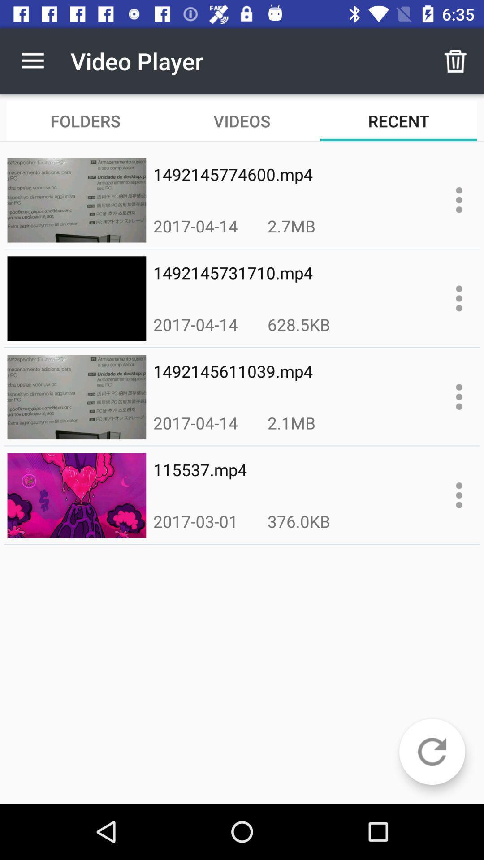  What do you see at coordinates (299, 324) in the screenshot?
I see `the item next to the 2017-04-14 item` at bounding box center [299, 324].